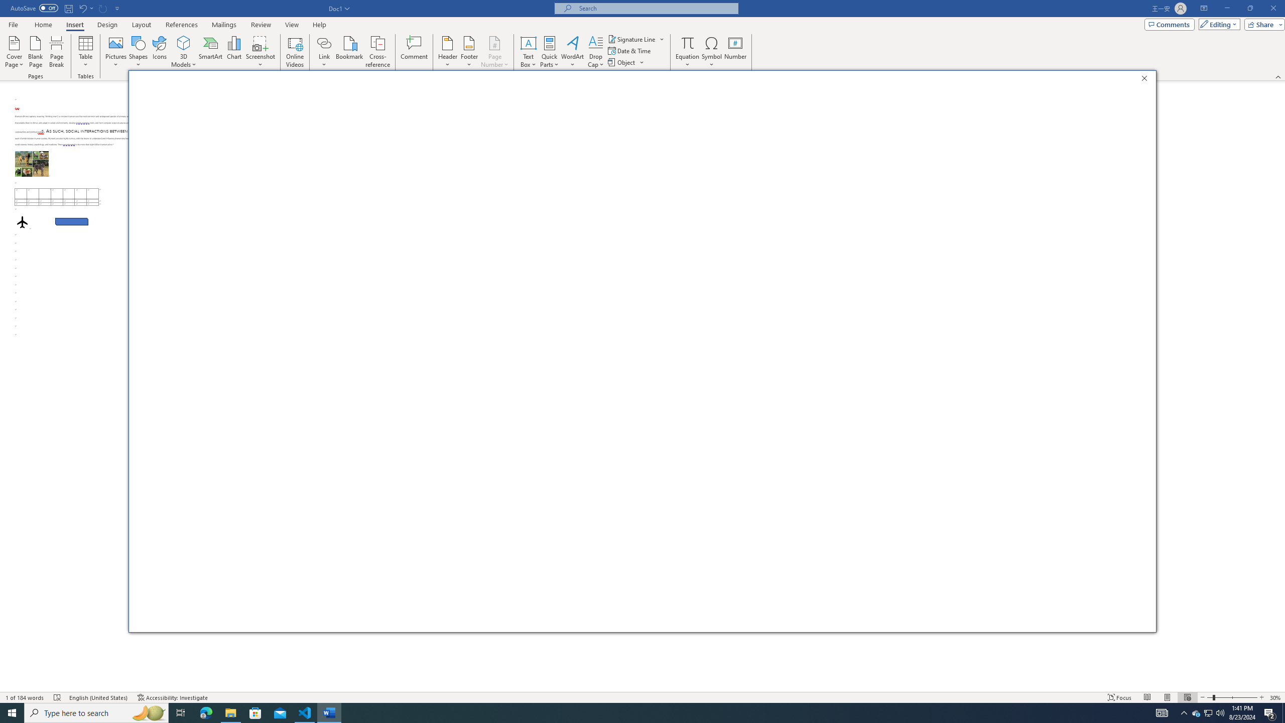  I want to click on 'Accessibility Checker Accessibility: Investigate', so click(172, 697).